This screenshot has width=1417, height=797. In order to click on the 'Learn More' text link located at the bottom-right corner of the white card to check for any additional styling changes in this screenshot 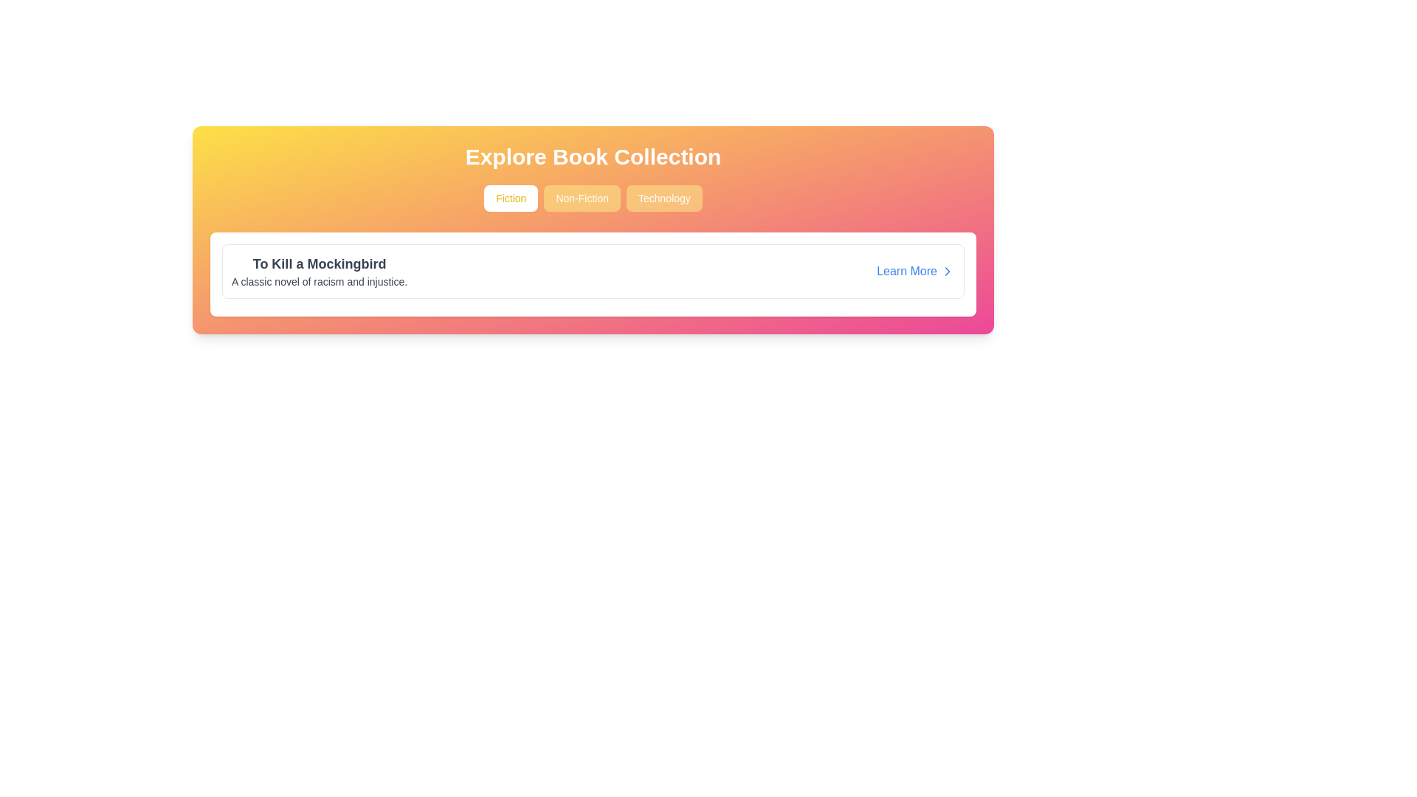, I will do `click(906, 271)`.